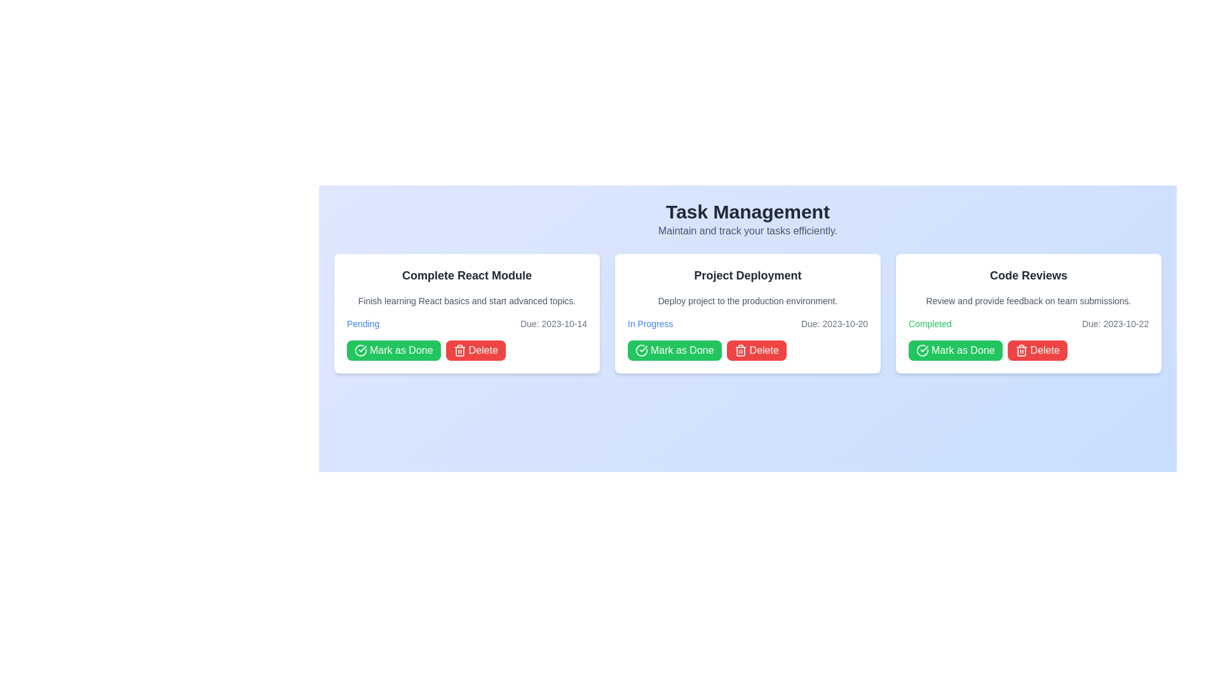 This screenshot has width=1220, height=686. Describe the element at coordinates (1037, 350) in the screenshot. I see `the red 'Delete' button with a trash can icon located in the bottom-right section of the 'Code Reviews' card` at that location.